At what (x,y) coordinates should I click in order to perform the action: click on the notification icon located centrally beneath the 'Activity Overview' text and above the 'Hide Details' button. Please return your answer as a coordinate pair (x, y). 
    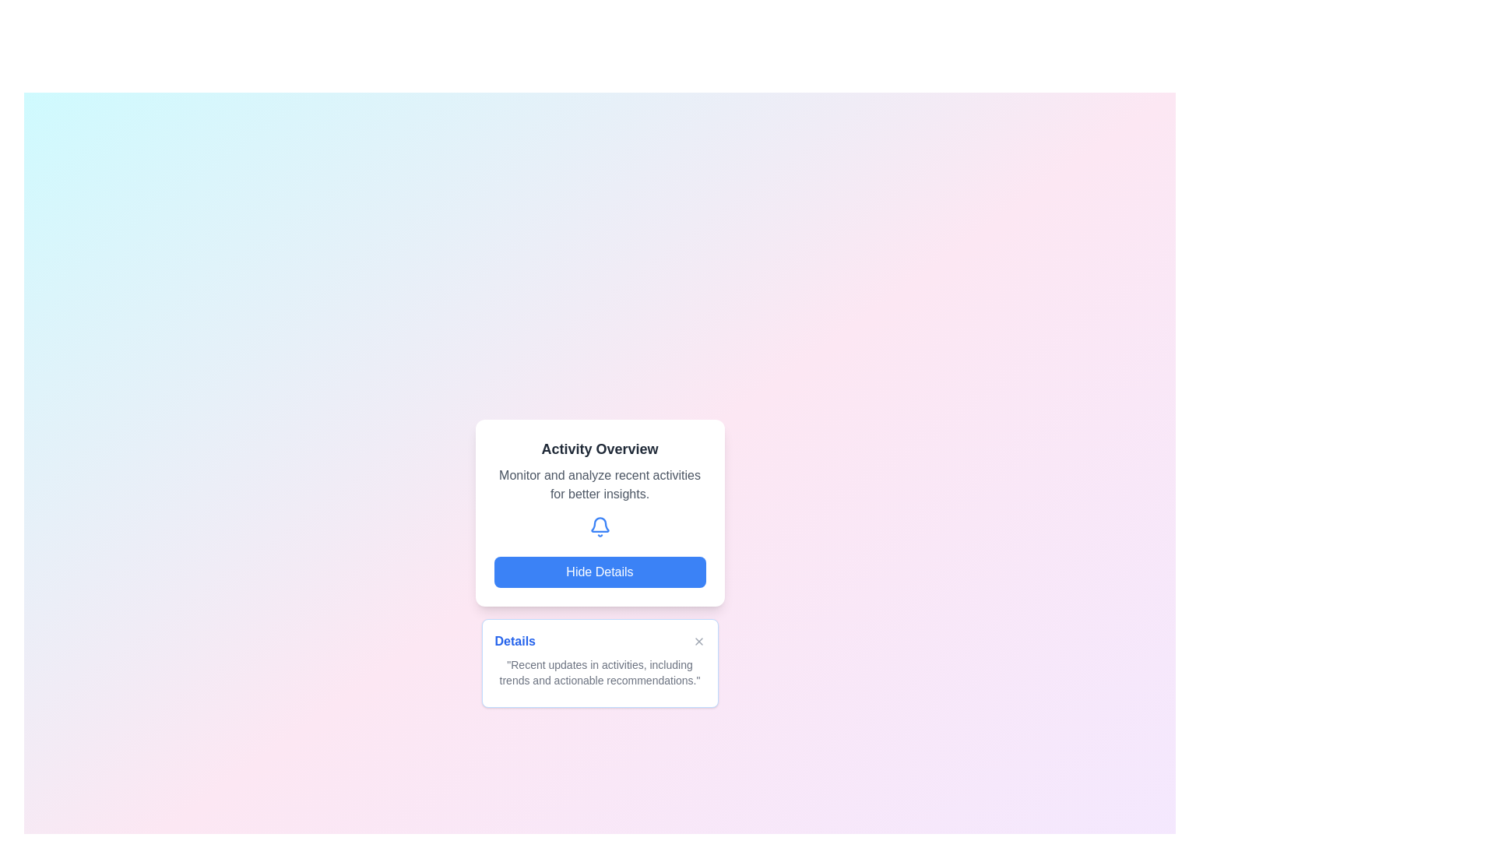
    Looking at the image, I should click on (599, 526).